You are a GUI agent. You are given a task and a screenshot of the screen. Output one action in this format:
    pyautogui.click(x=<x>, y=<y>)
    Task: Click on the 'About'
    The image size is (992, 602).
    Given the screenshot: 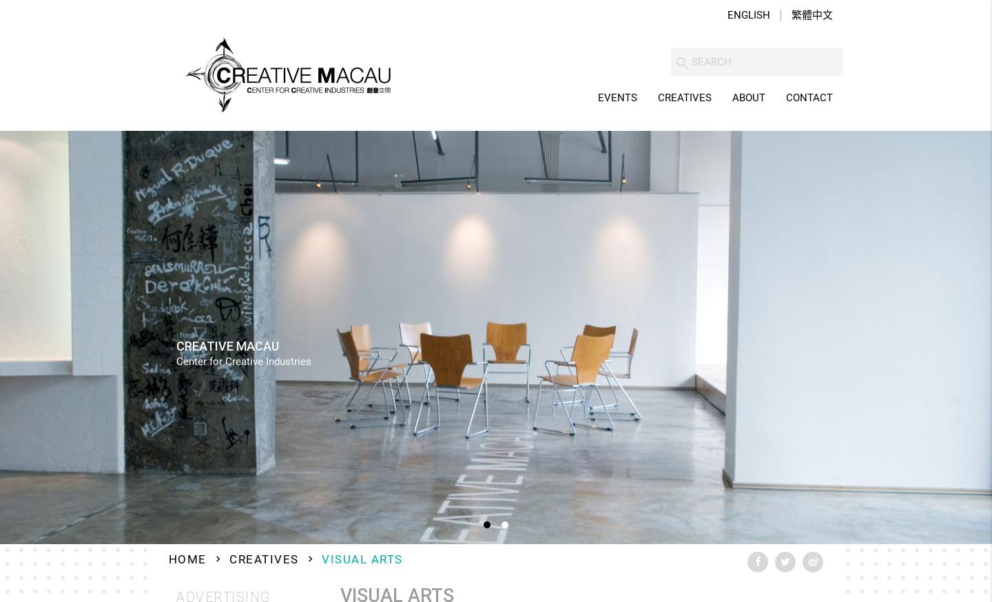 What is the action you would take?
    pyautogui.click(x=748, y=98)
    